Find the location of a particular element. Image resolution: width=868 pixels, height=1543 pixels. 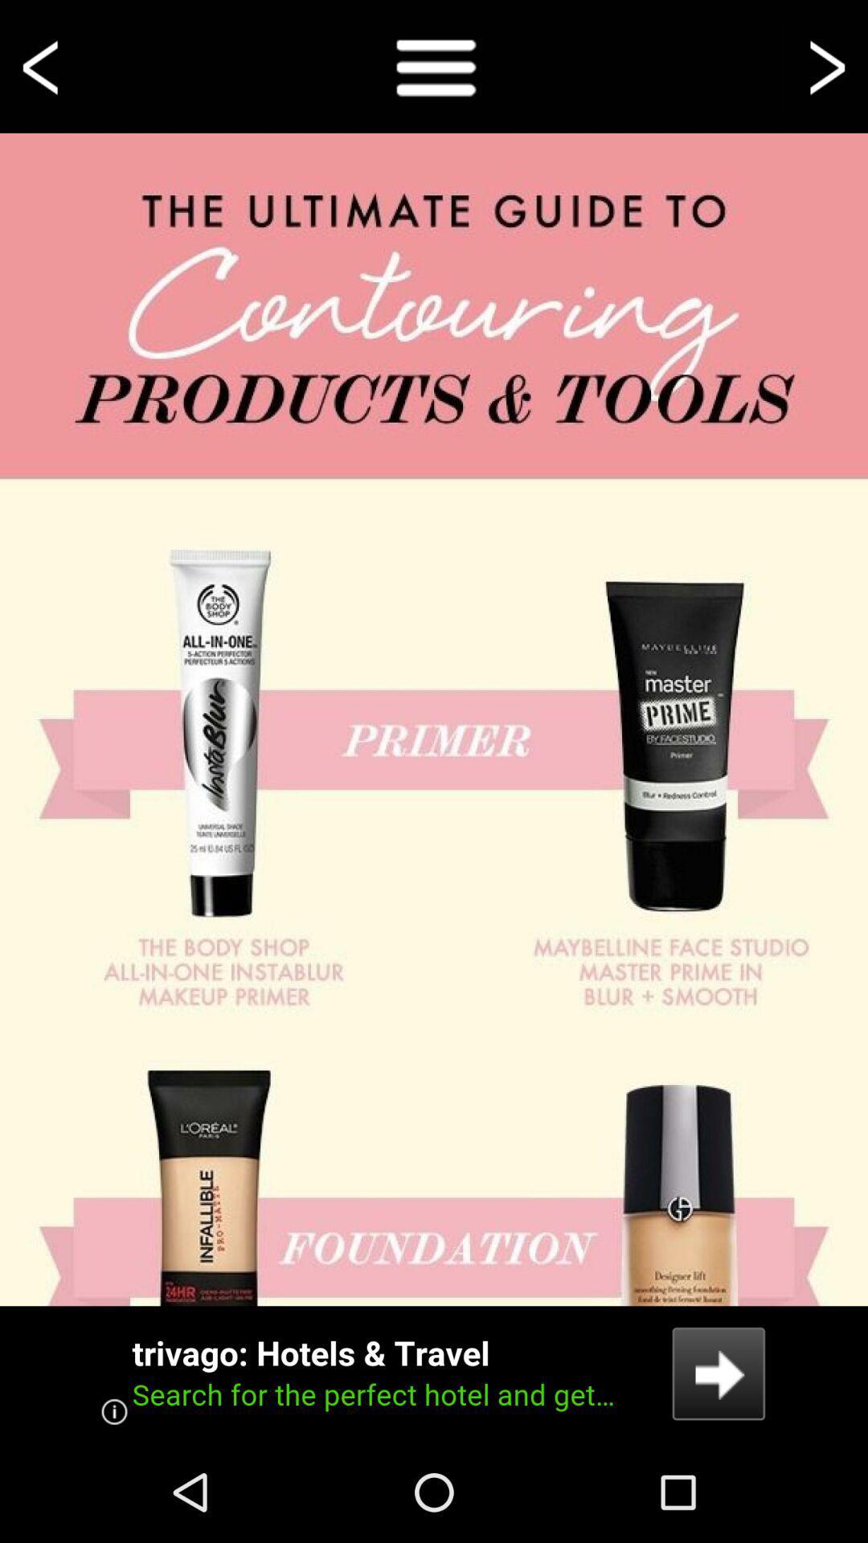

voltar a tela anterior is located at coordinates (43, 65).